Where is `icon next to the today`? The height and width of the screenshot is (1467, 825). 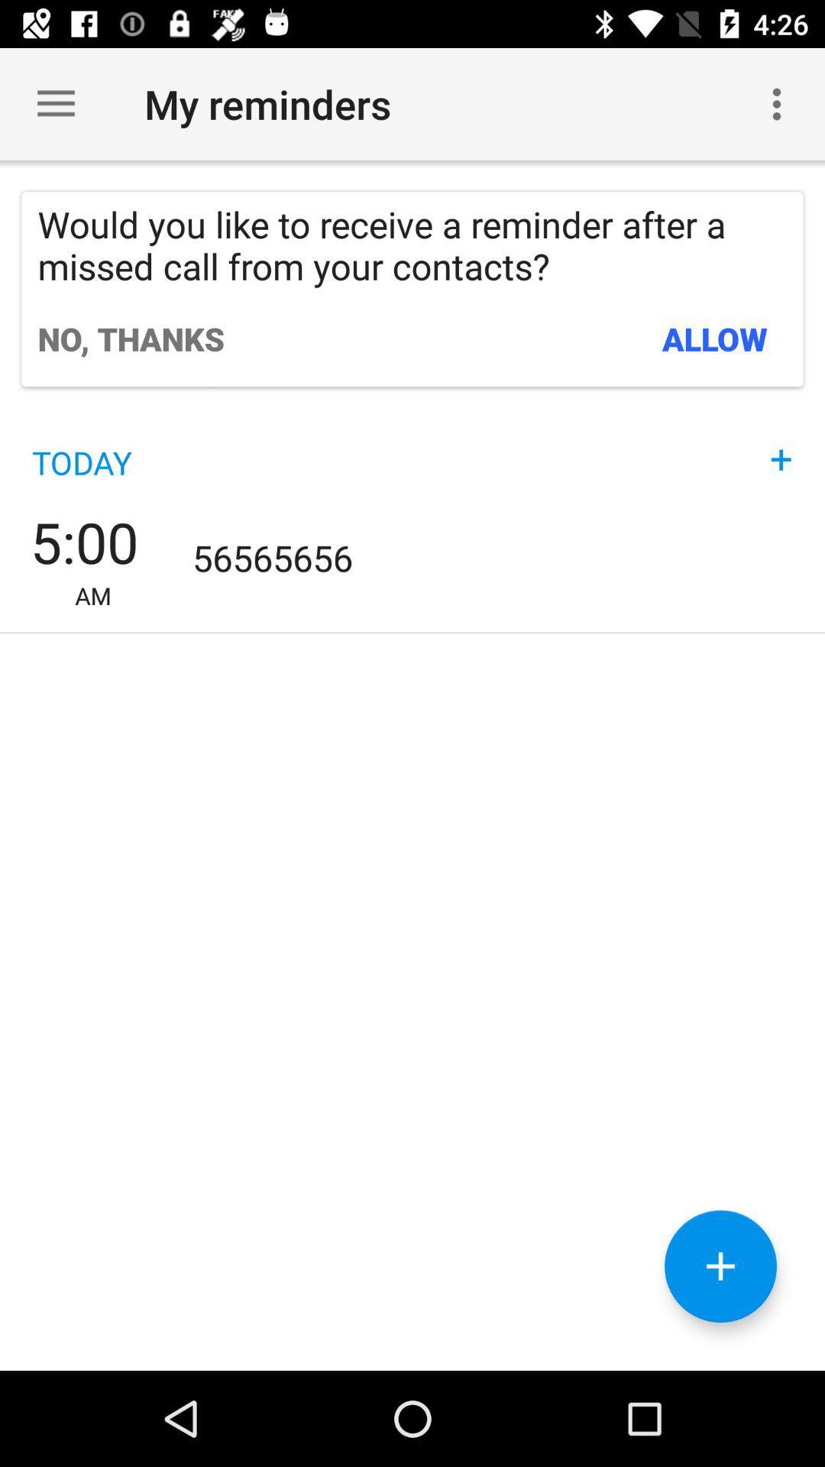
icon next to the today is located at coordinates (781, 443).